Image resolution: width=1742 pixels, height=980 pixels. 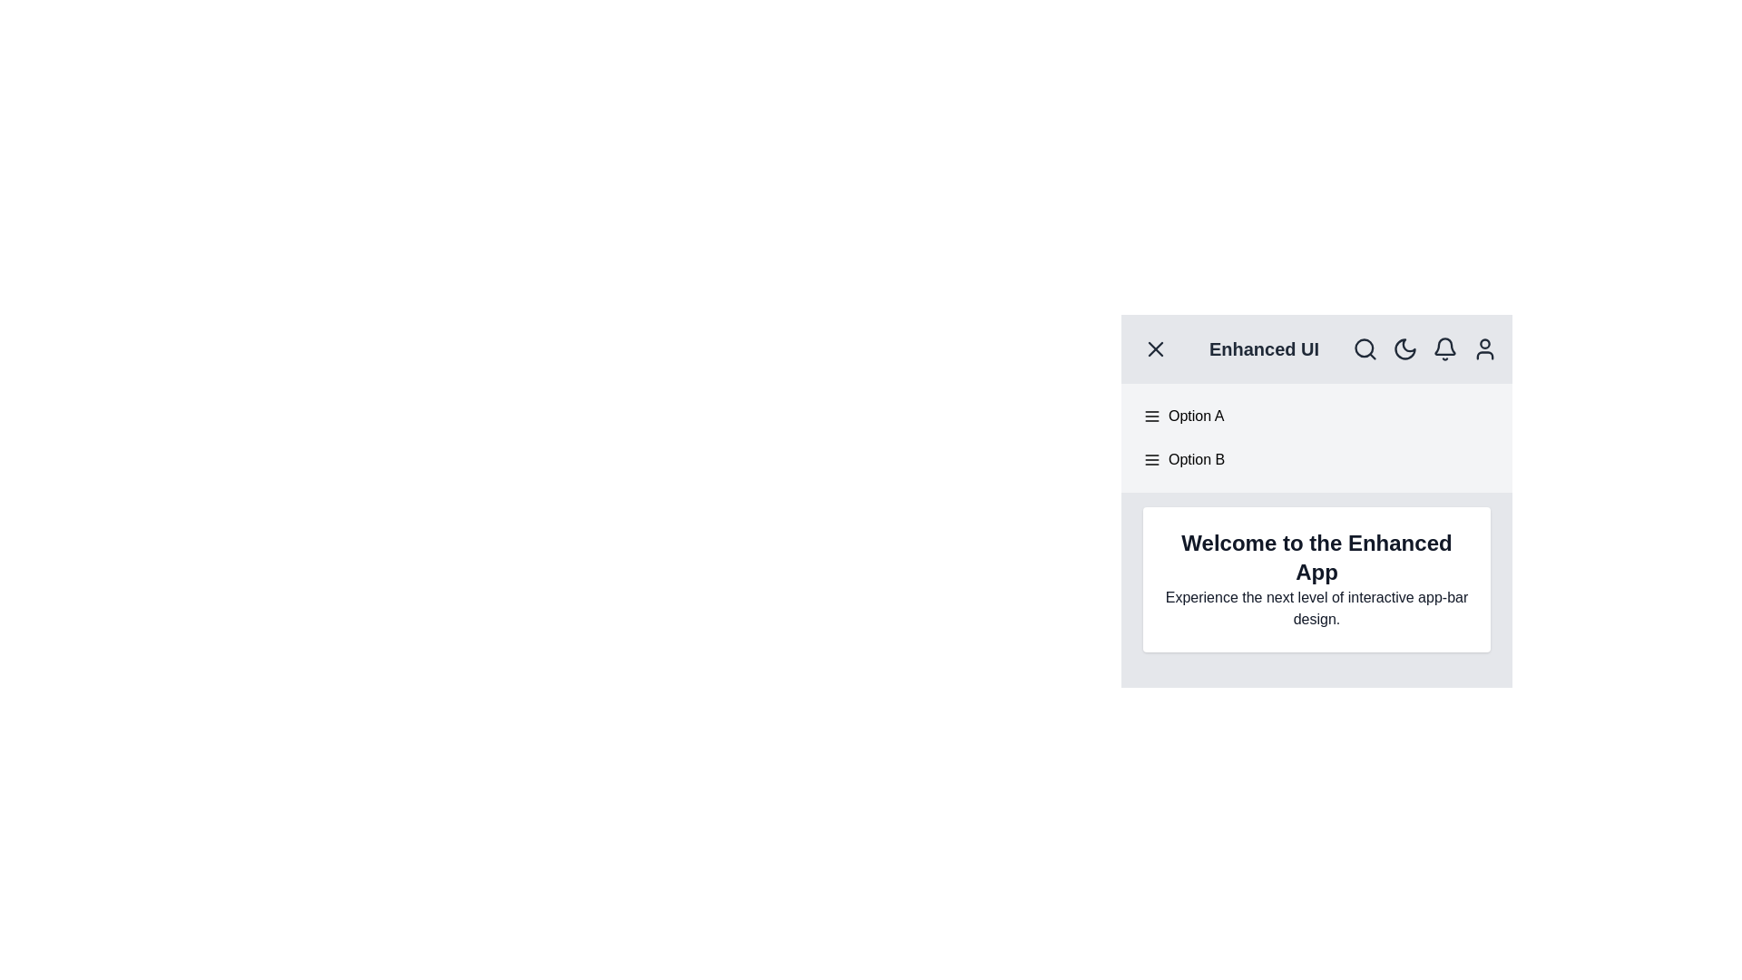 I want to click on toggle button to switch between dark and light mode, so click(x=1404, y=349).